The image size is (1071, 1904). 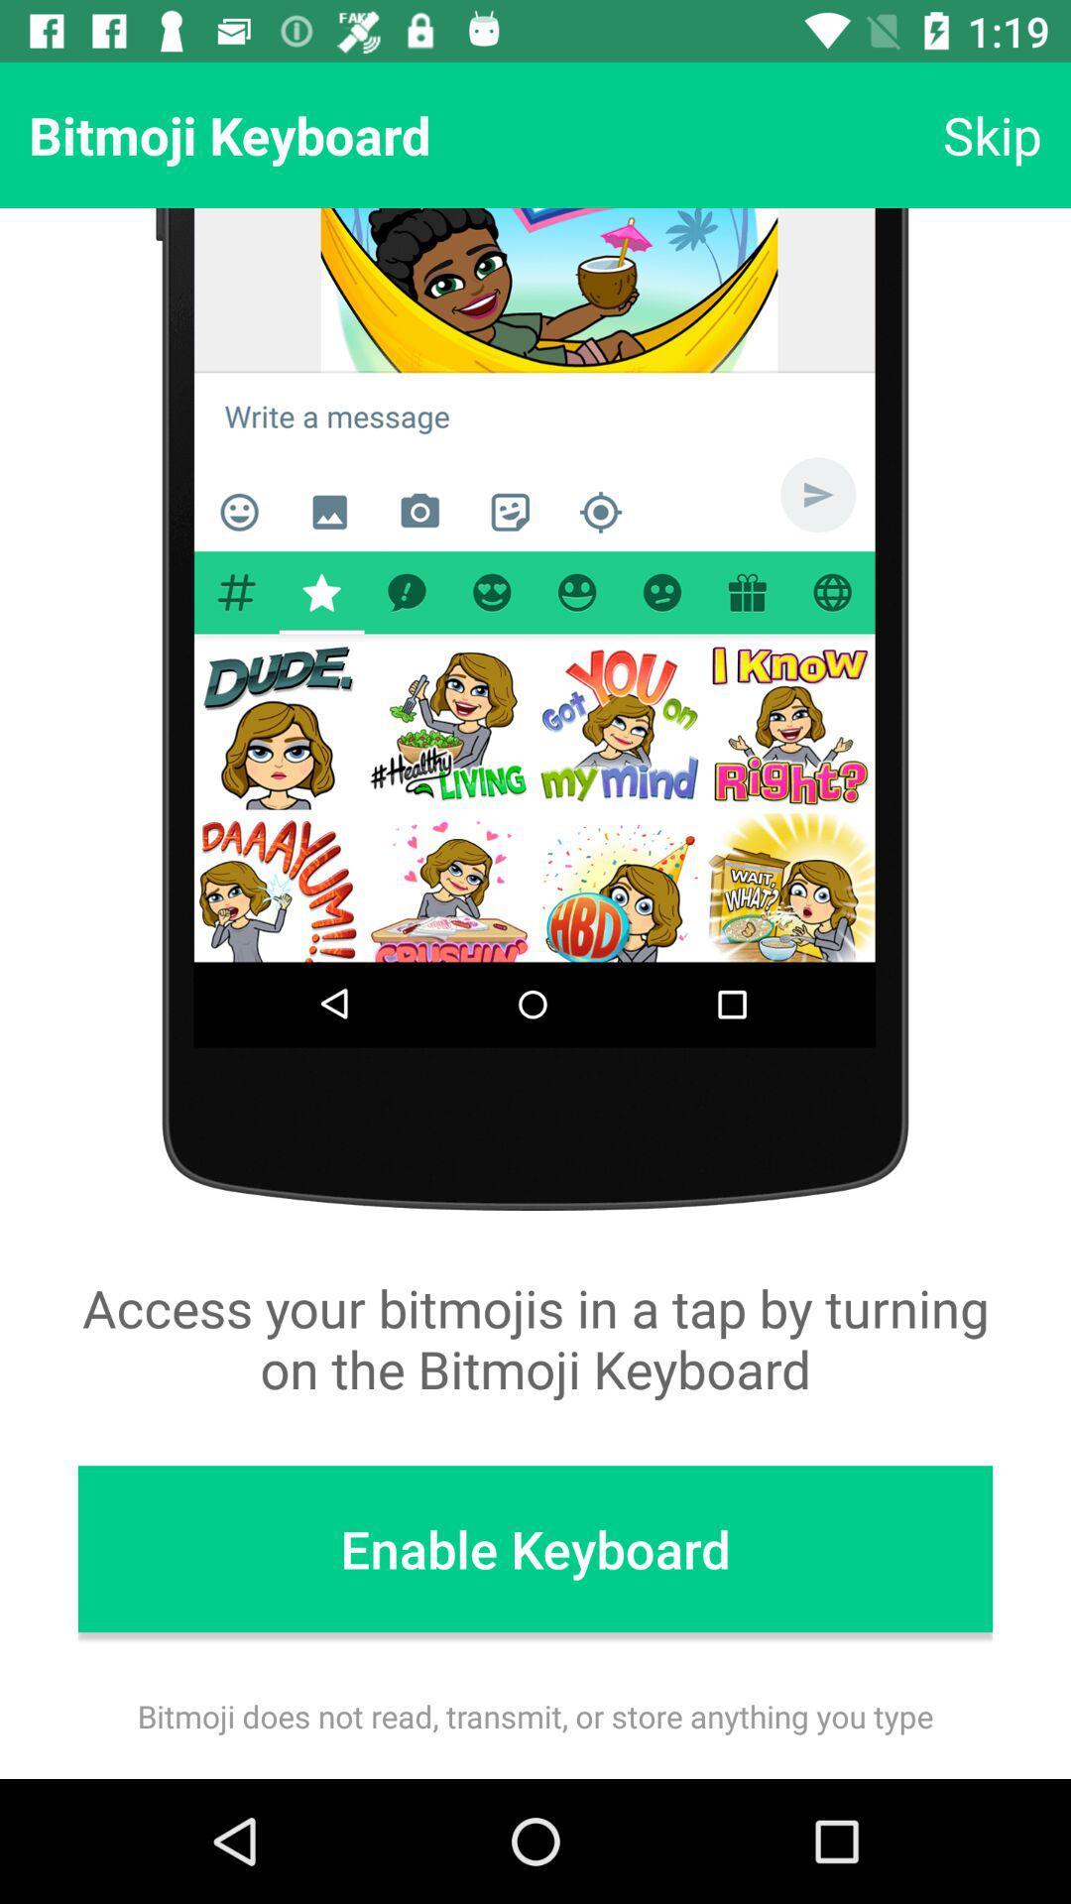 I want to click on item to the right of bitmoji keyboard, so click(x=992, y=134).